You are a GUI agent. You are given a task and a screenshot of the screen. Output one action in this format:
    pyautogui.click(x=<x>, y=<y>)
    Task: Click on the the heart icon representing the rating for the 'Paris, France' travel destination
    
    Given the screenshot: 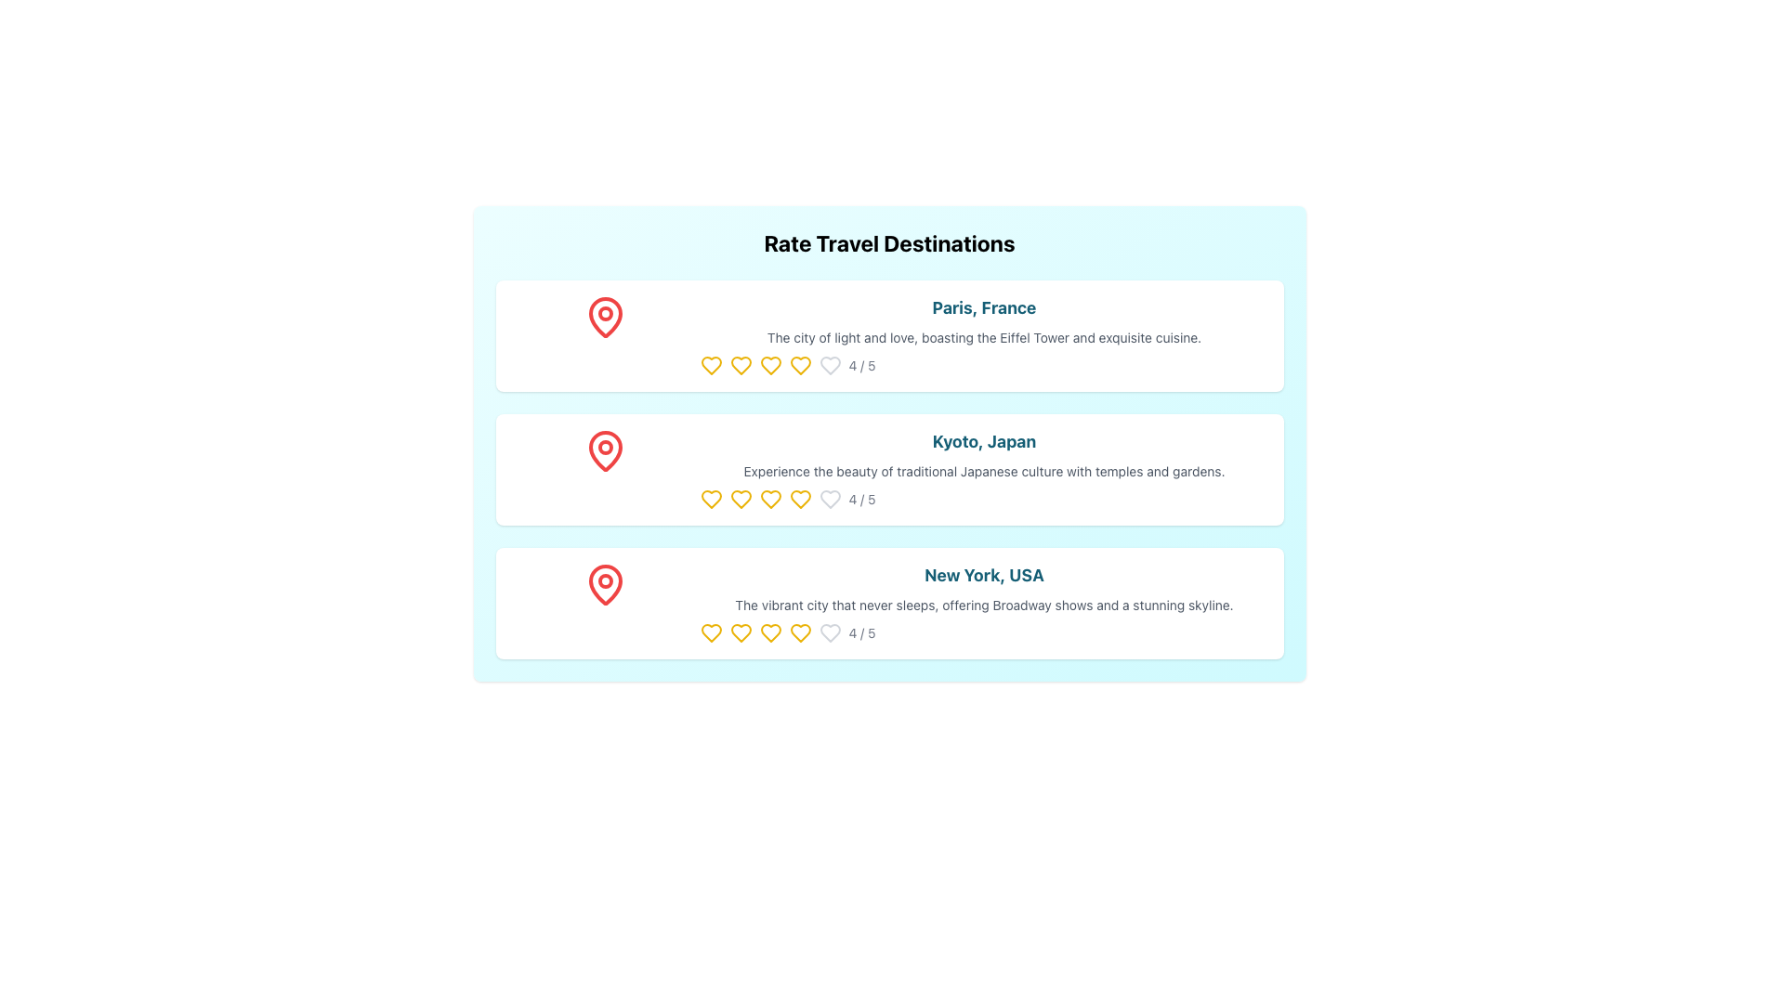 What is the action you would take?
    pyautogui.click(x=740, y=365)
    